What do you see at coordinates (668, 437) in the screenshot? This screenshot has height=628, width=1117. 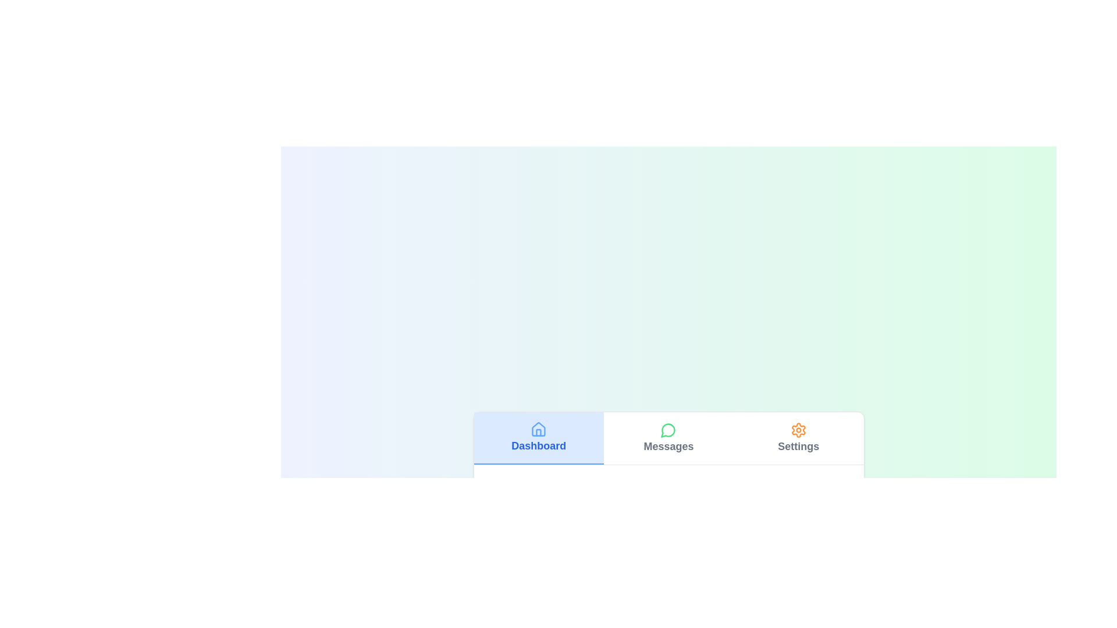 I see `the Messages tab by clicking on its corresponding button` at bounding box center [668, 437].